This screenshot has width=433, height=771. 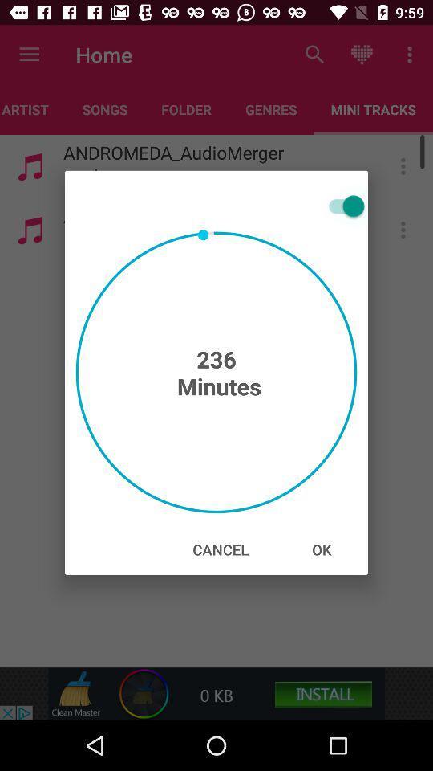 I want to click on the icon to the right of cancel, so click(x=322, y=549).